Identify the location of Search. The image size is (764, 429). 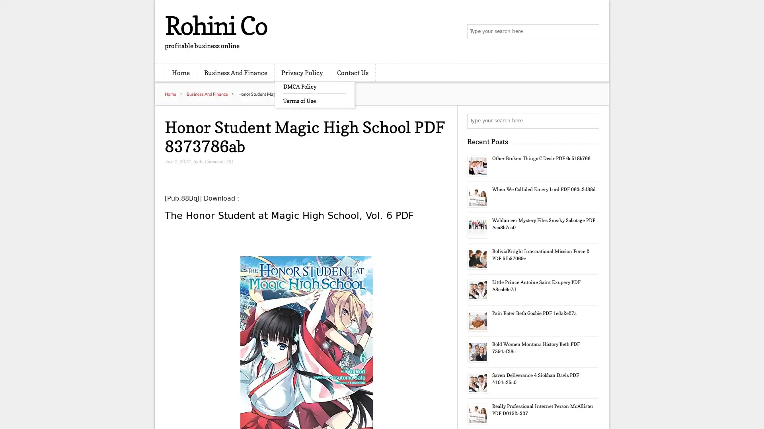
(591, 121).